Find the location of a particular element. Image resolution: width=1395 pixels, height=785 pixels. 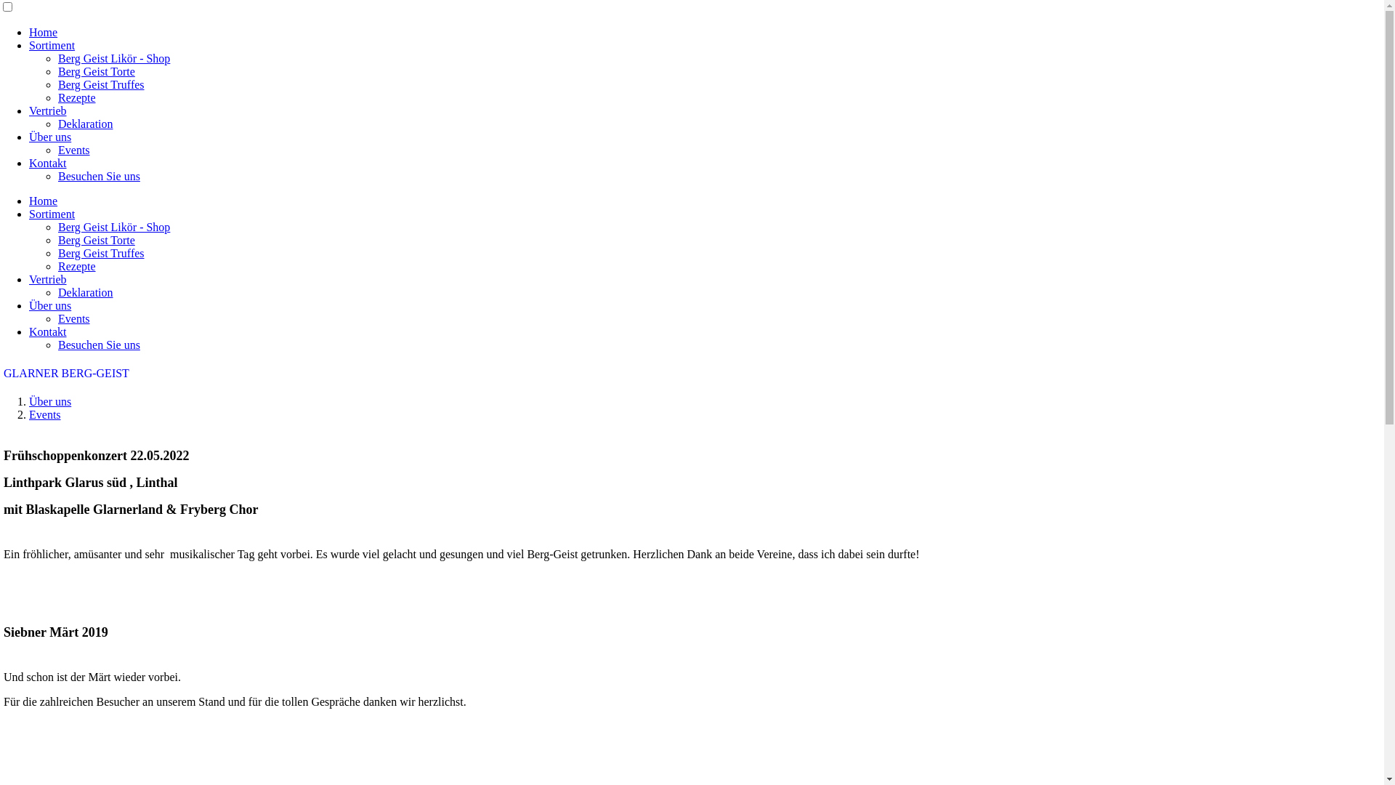

'Home' is located at coordinates (43, 32).